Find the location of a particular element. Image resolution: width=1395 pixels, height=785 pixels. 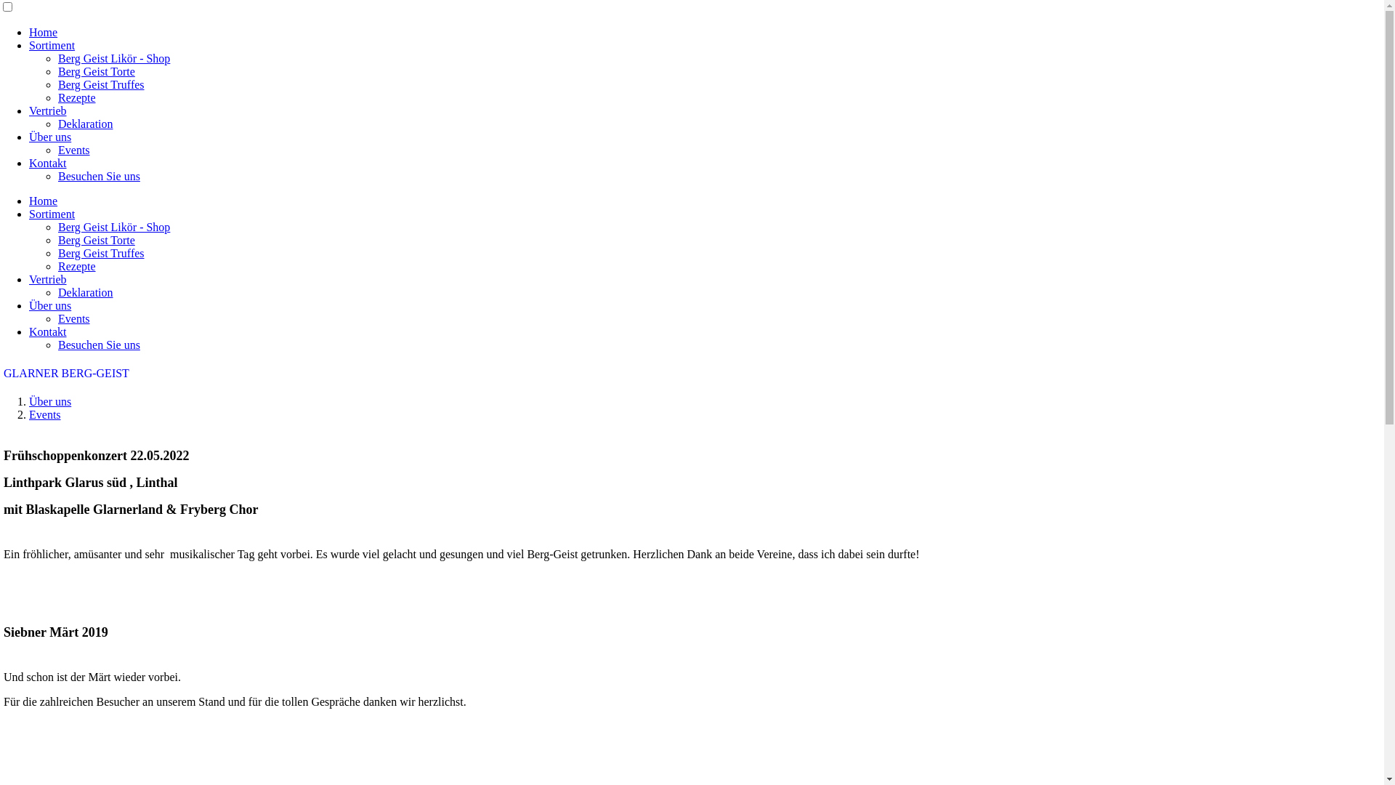

'Home' is located at coordinates (43, 32).